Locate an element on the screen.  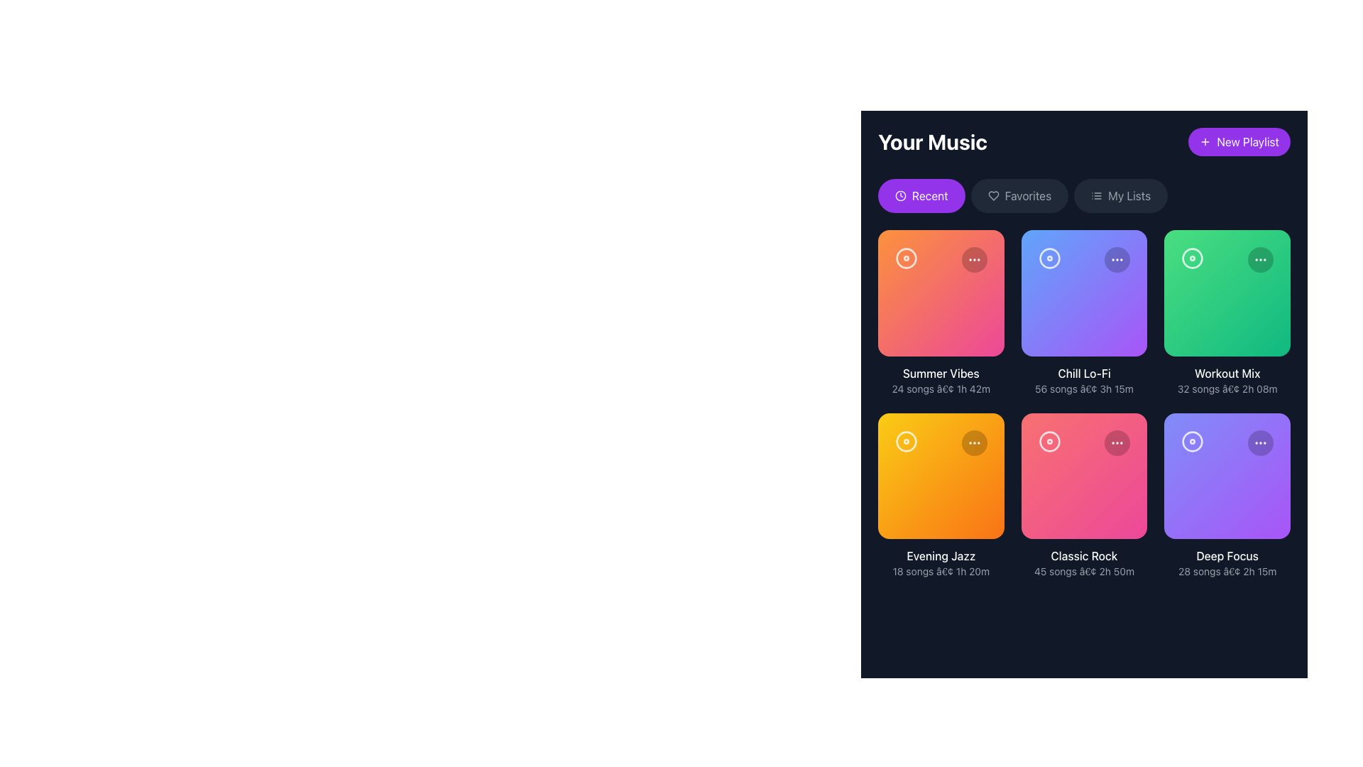
the circular icon with a lighter border located on the orange-pink gradient background of the 'Summer Vibes' card, positioned at the top-left corner adjacent to the three-dot menu icon is located at coordinates (905, 258).